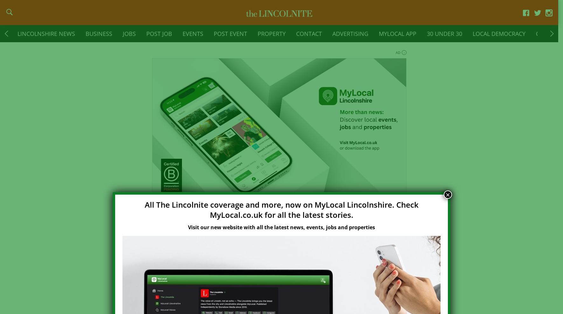  I want to click on 'i', so click(403, 56).